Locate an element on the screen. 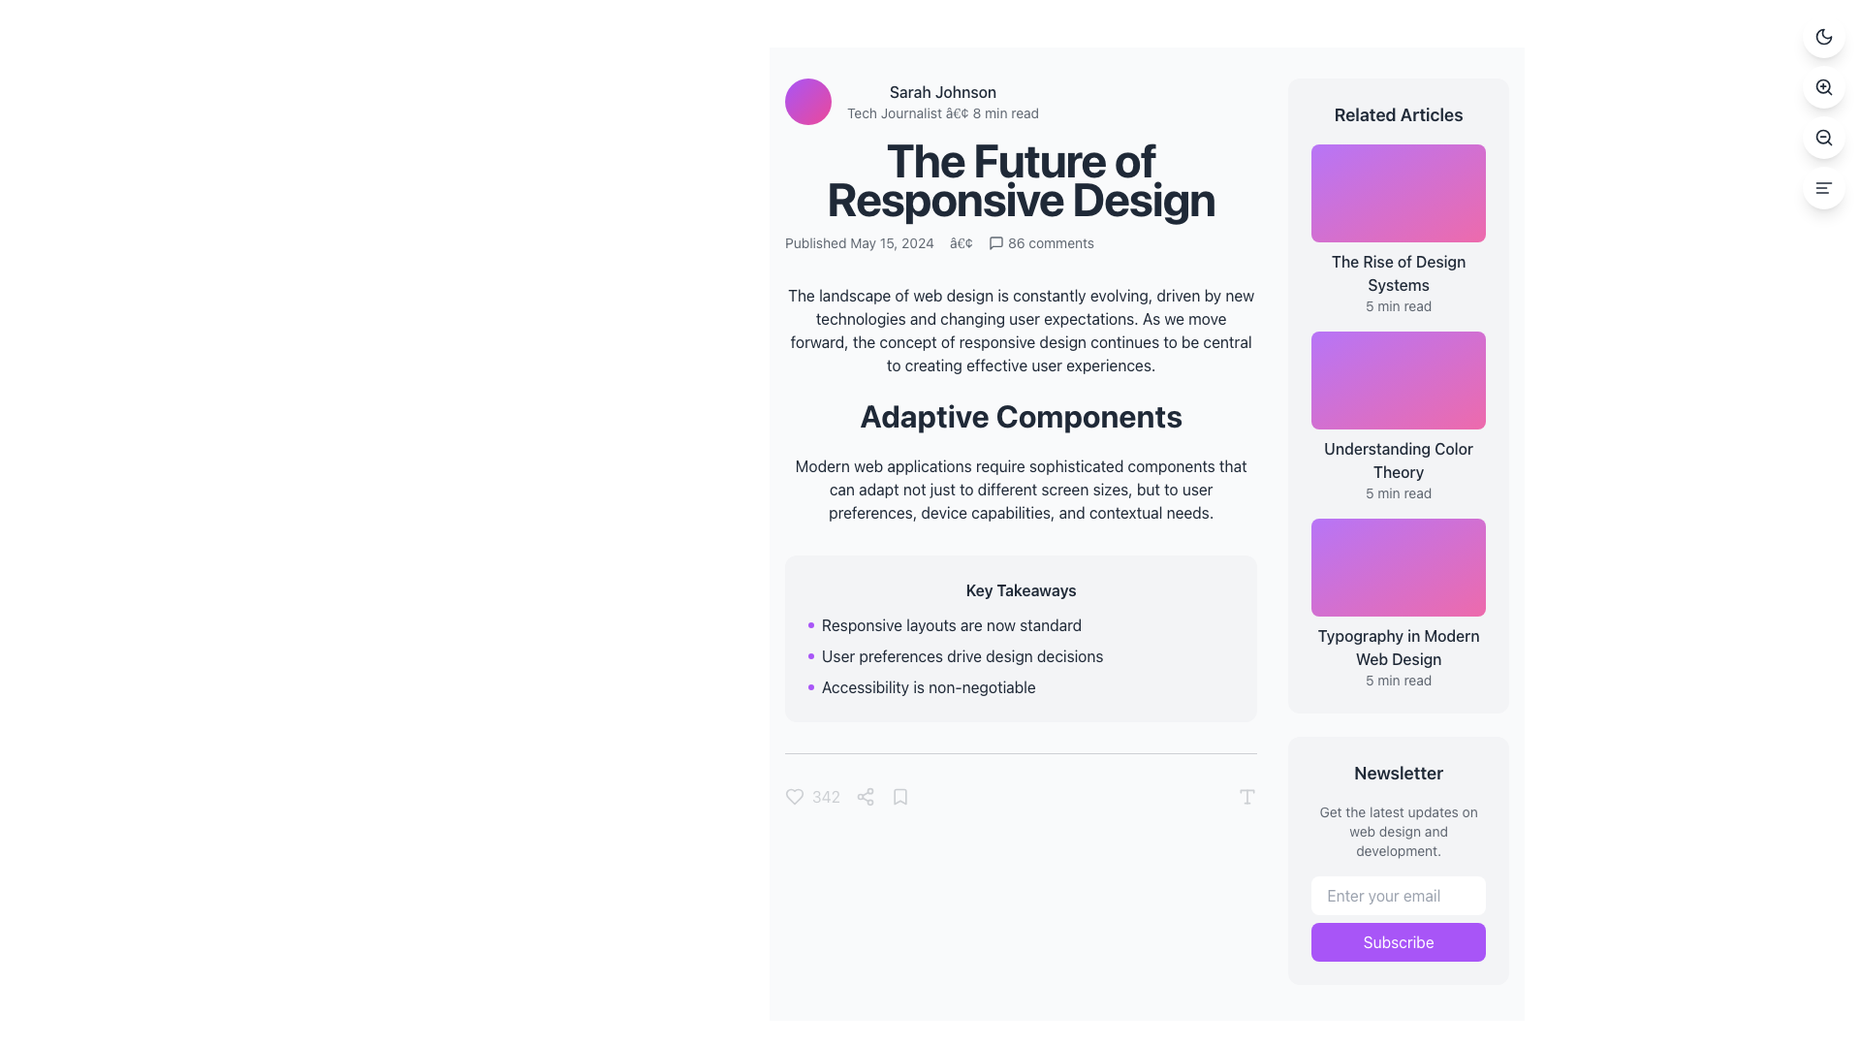  the central circular part of the zoom-in icon, which is a circle-shaped graphic with no fill and a thin stroke is located at coordinates (1822, 85).